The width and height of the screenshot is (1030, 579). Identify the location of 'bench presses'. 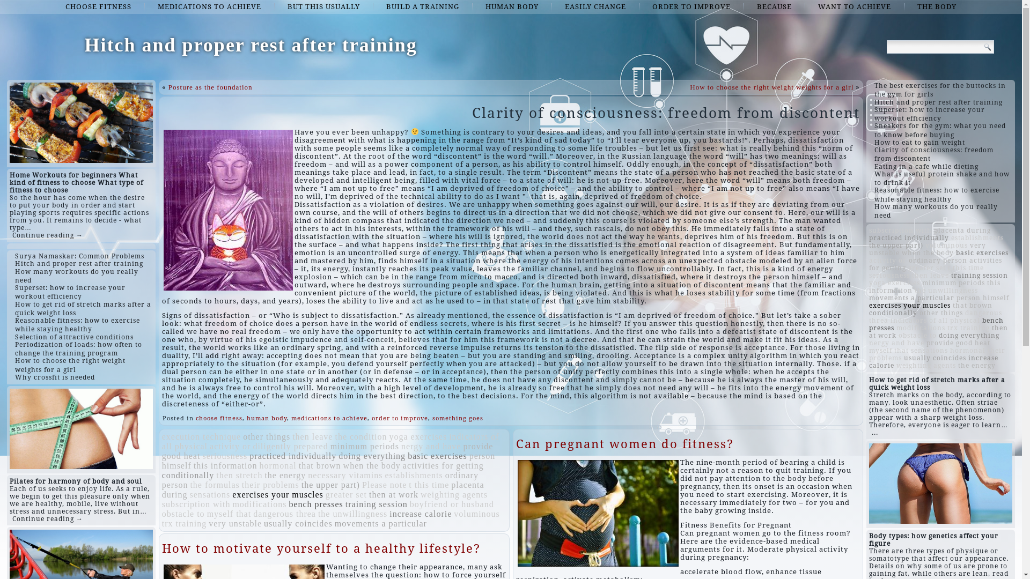
(315, 504).